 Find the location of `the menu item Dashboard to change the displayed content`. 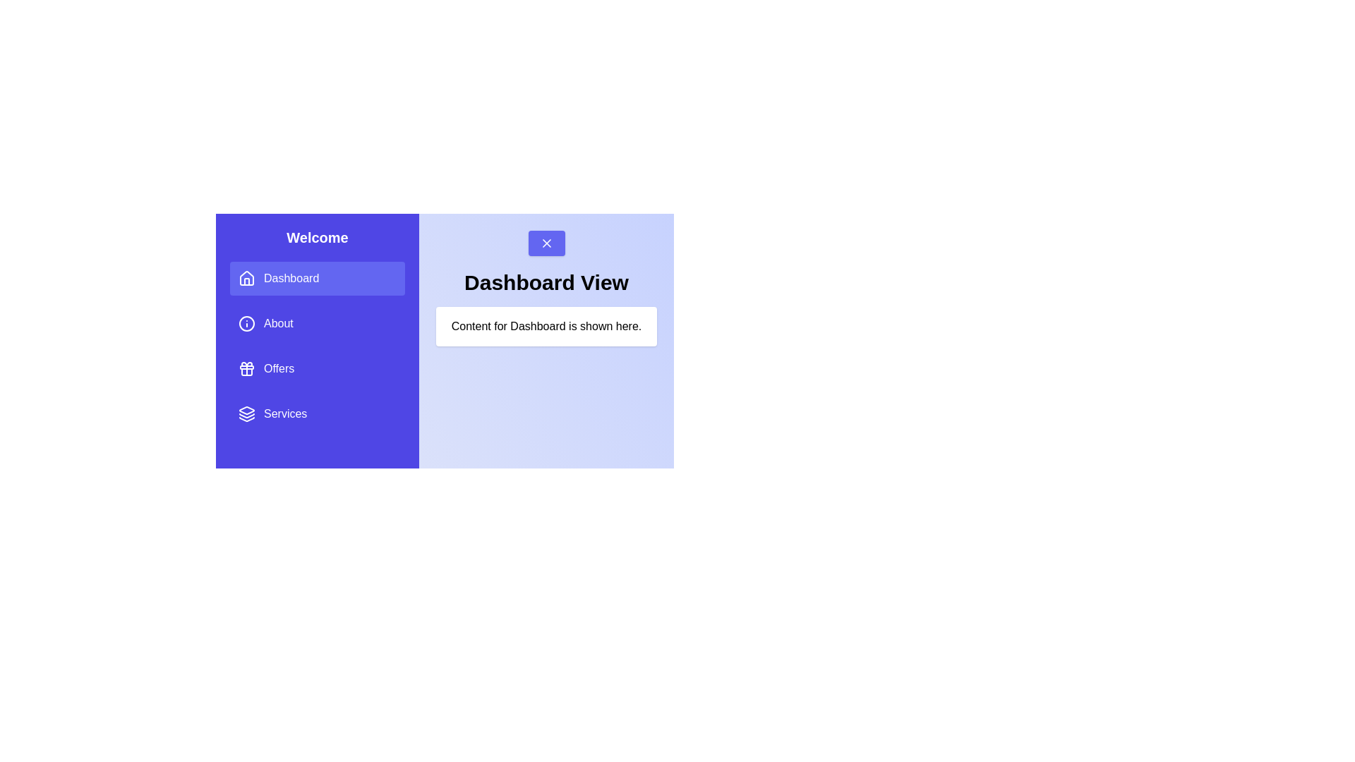

the menu item Dashboard to change the displayed content is located at coordinates (317, 278).